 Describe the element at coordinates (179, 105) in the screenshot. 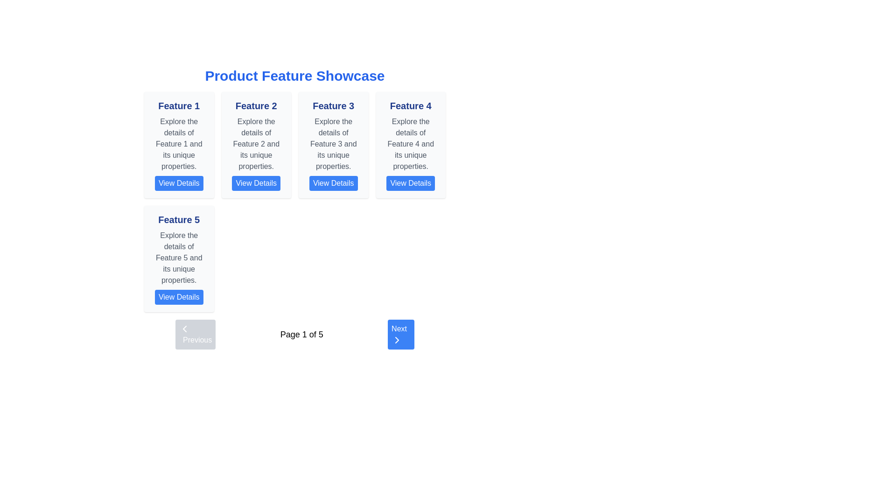

I see `title text label for 'Feature 1', which is located at the top of the first feature card in the grid layout` at that location.